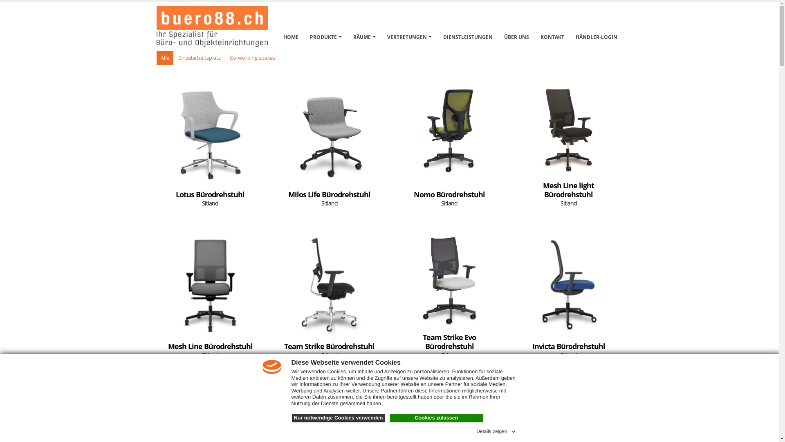  Describe the element at coordinates (325, 28) in the screenshot. I see `'PRODUKTE'` at that location.